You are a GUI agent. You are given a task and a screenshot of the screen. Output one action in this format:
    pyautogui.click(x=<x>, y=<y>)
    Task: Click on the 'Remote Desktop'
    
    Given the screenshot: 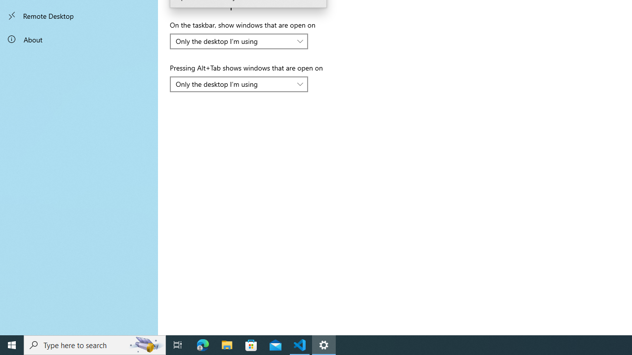 What is the action you would take?
    pyautogui.click(x=79, y=16)
    